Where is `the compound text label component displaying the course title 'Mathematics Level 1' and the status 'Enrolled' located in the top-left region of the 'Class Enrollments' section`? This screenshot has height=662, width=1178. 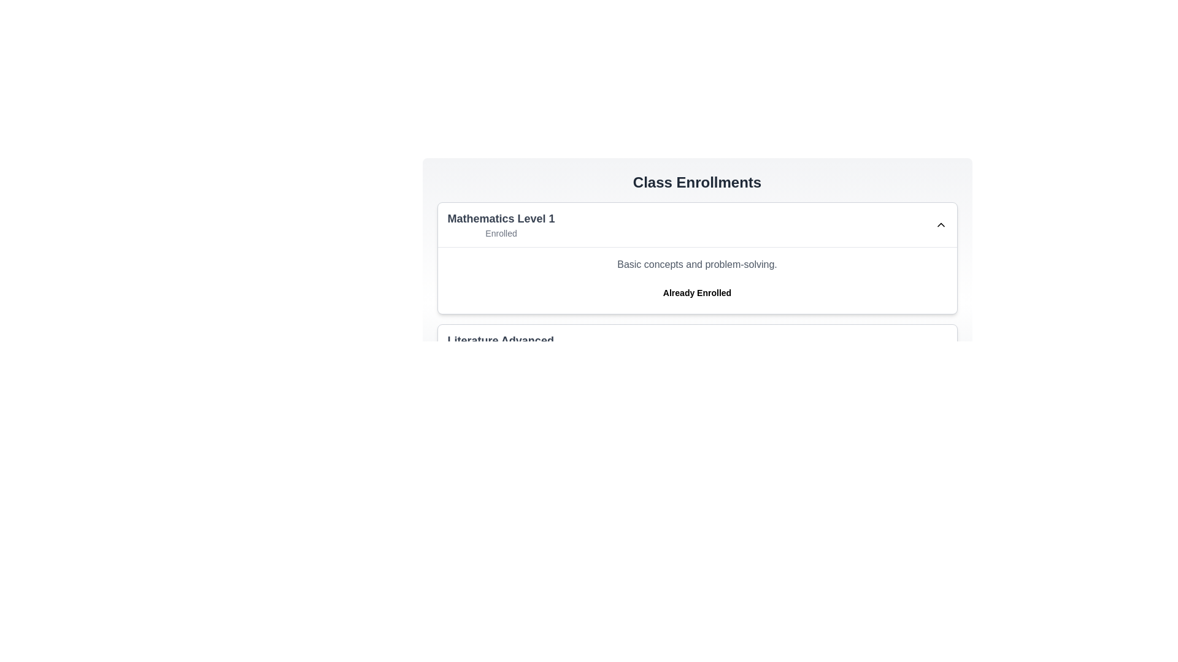
the compound text label component displaying the course title 'Mathematics Level 1' and the status 'Enrolled' located in the top-left region of the 'Class Enrollments' section is located at coordinates (501, 224).